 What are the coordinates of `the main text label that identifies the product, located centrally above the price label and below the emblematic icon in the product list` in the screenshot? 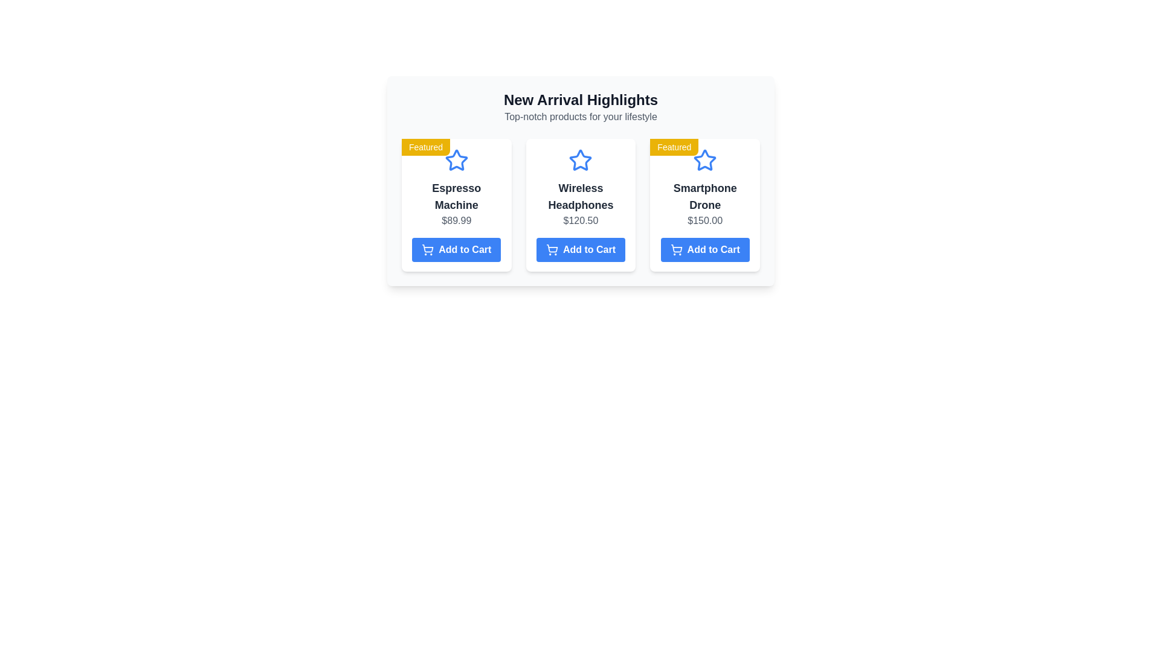 It's located at (456, 196).